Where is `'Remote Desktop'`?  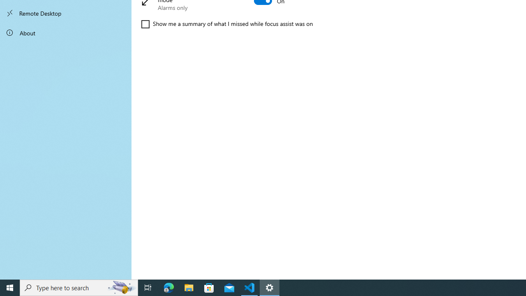 'Remote Desktop' is located at coordinates (66, 13).